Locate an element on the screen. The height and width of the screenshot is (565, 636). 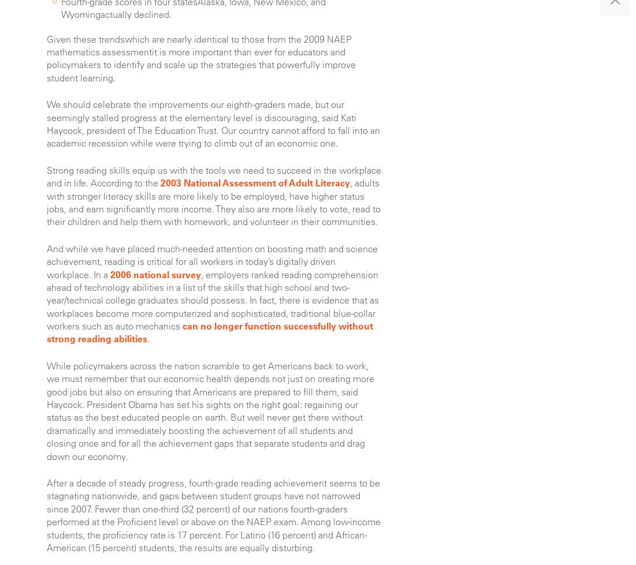
'can no longer function successfully without strong reading abilities' is located at coordinates (210, 332).